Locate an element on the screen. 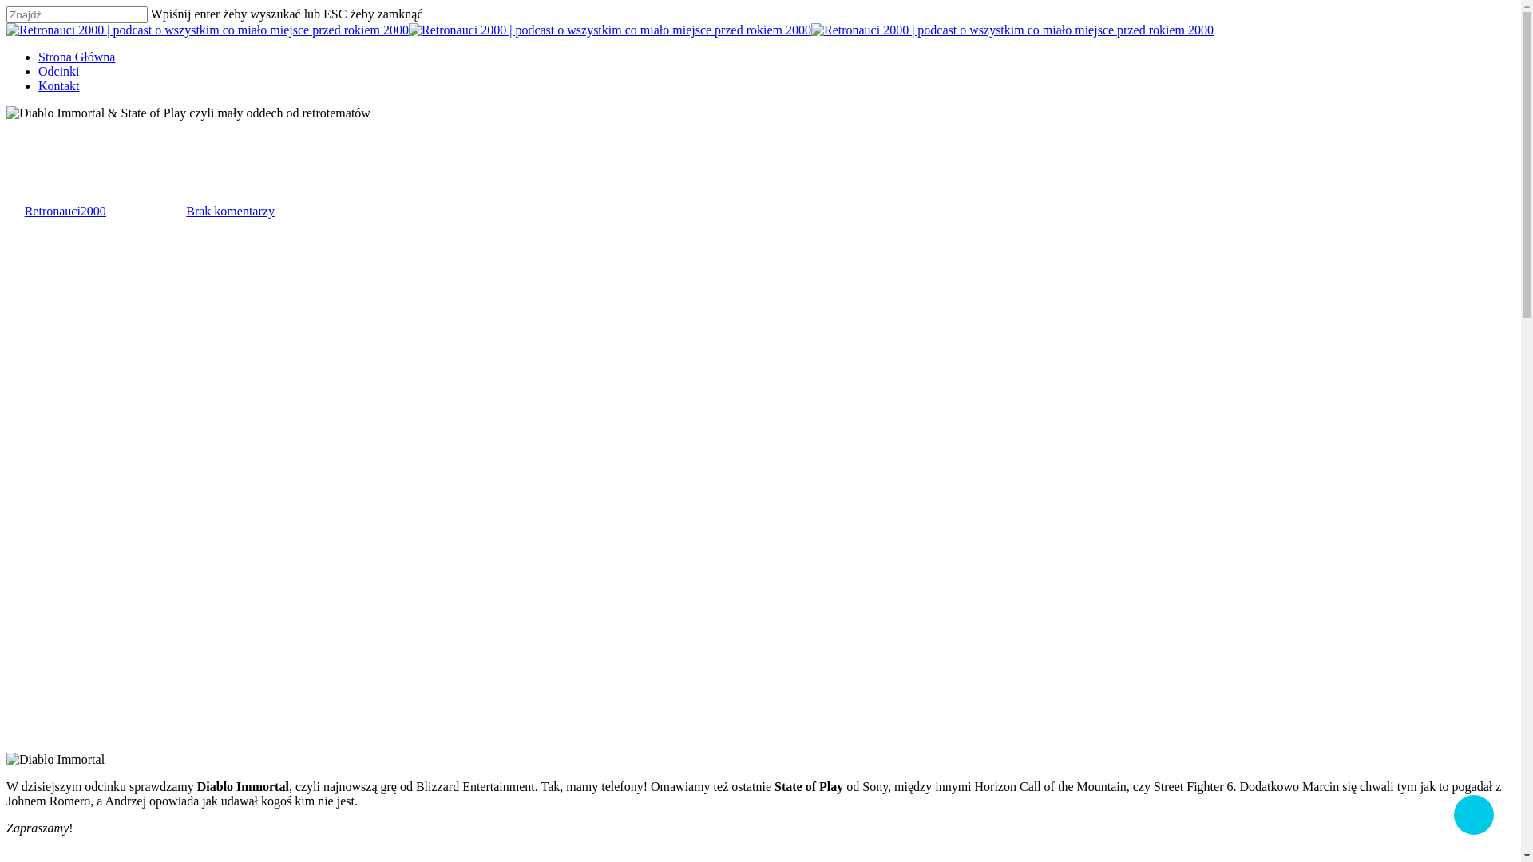 The image size is (1533, 862). 'Brak komentarzy' is located at coordinates (229, 210).